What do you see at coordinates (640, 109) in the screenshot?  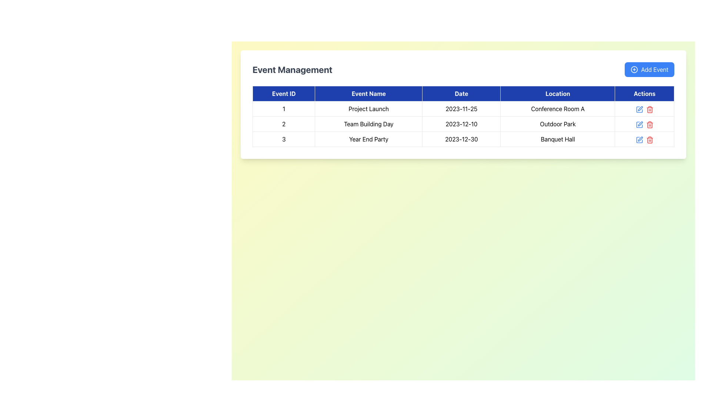 I see `the Edit function icon located in the Actions column of the first row of the table` at bounding box center [640, 109].